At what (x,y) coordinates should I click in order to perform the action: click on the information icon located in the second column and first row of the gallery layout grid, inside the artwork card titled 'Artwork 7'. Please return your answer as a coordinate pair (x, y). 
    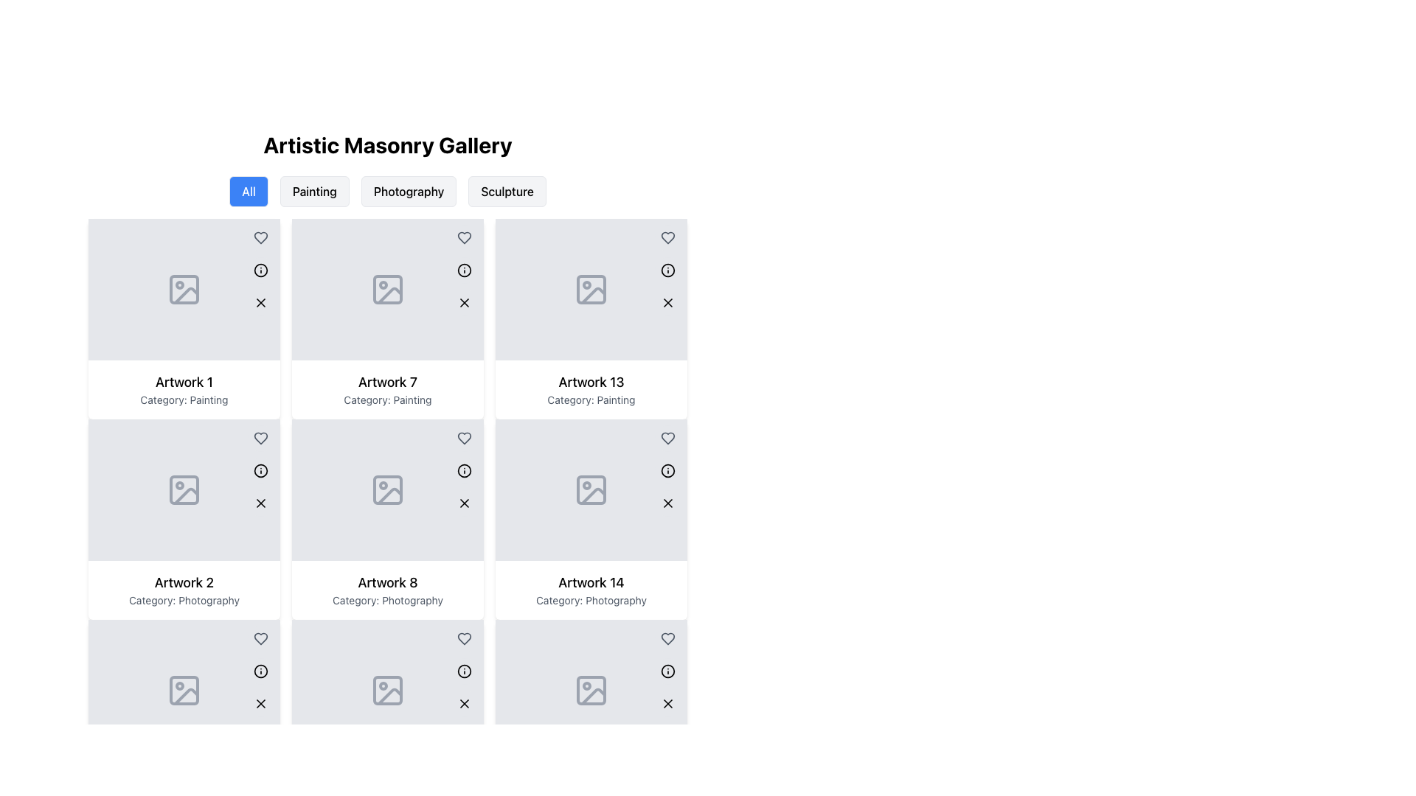
    Looking at the image, I should click on (261, 270).